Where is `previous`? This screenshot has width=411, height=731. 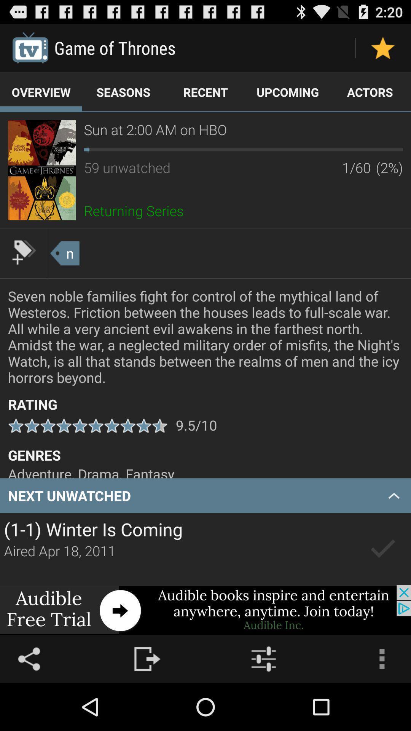
previous is located at coordinates (383, 549).